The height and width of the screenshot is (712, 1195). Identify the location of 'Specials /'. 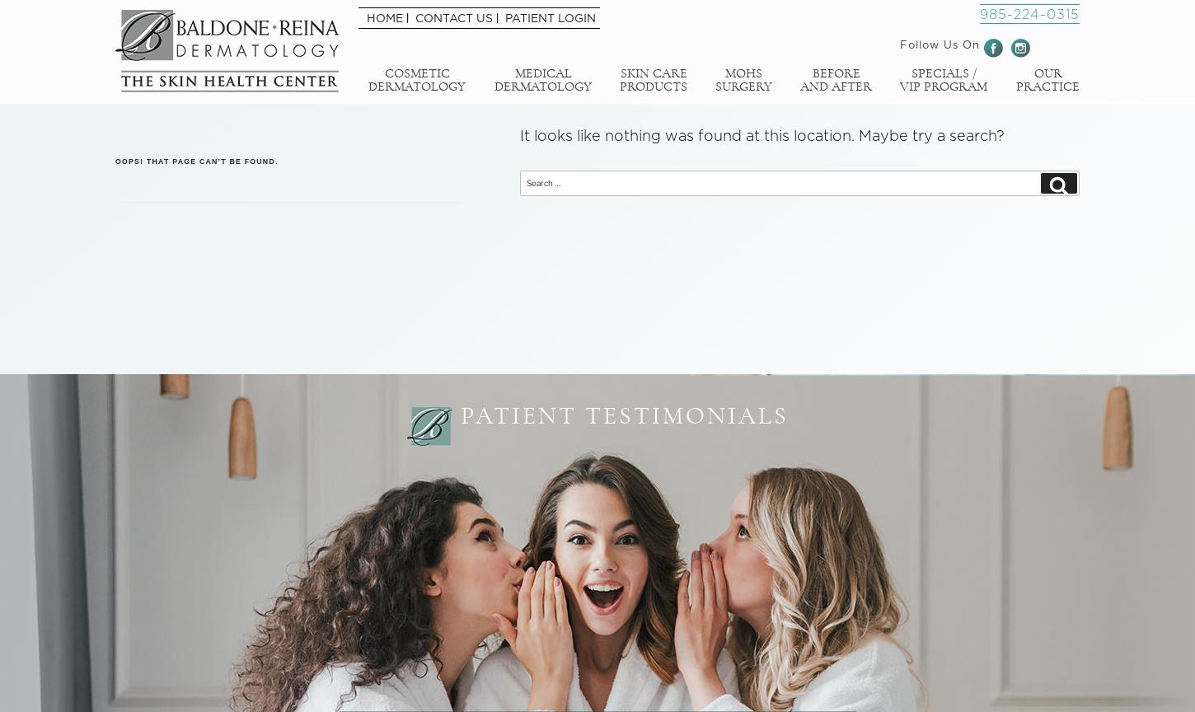
(942, 73).